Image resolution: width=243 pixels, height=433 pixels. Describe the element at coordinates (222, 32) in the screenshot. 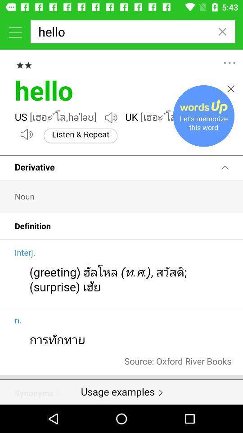

I see `the 1st close icon in the top left corner` at that location.